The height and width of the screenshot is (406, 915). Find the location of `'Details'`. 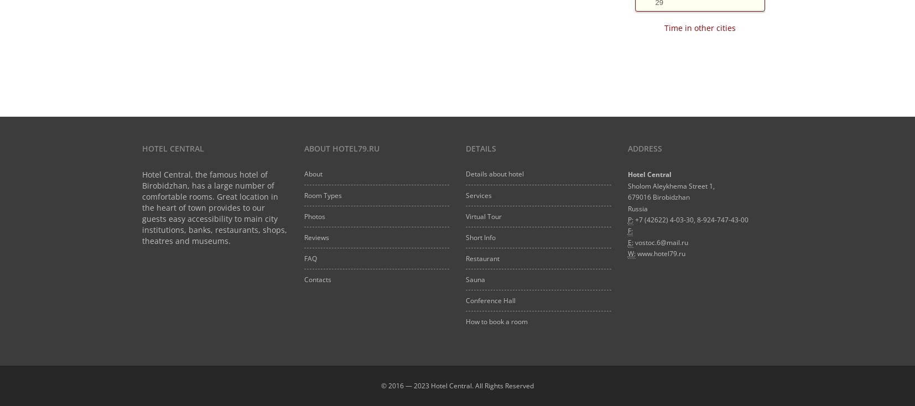

'Details' is located at coordinates (465, 148).